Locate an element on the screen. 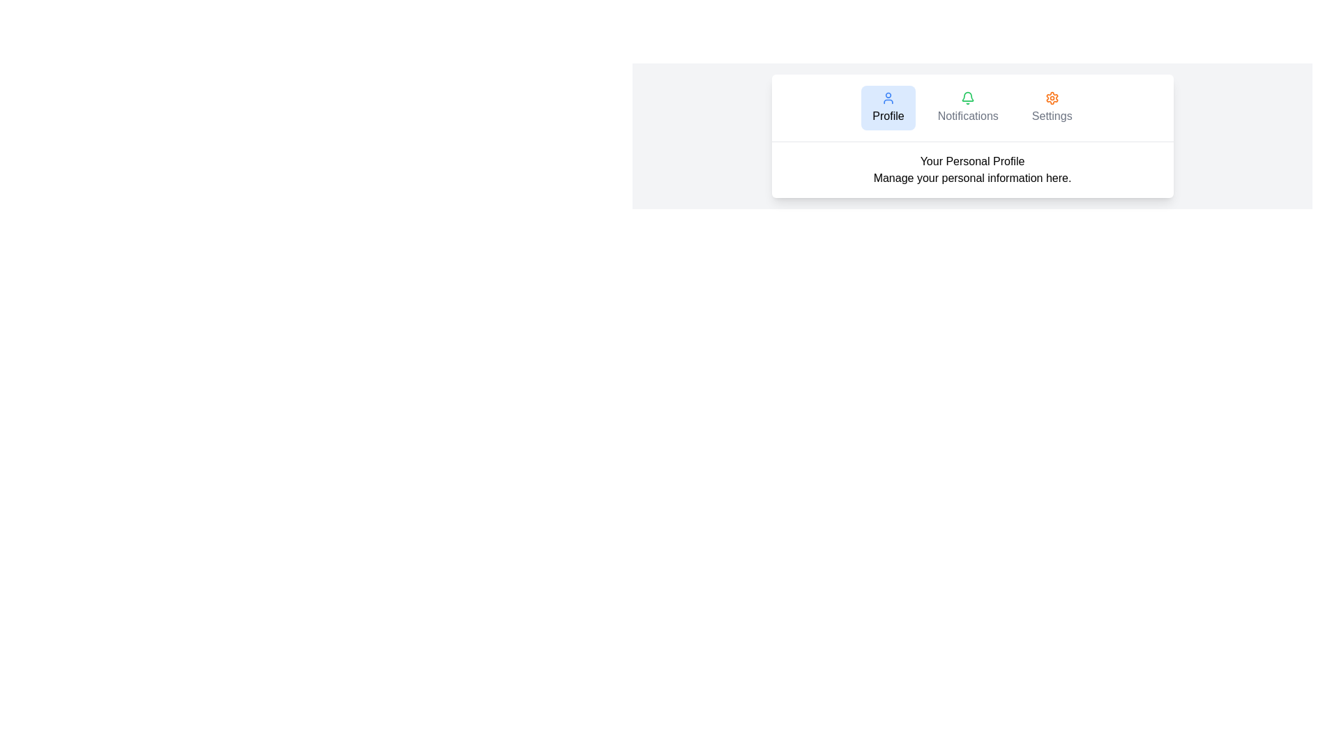 The height and width of the screenshot is (753, 1339). the tab Notifications by clicking on it is located at coordinates (967, 107).